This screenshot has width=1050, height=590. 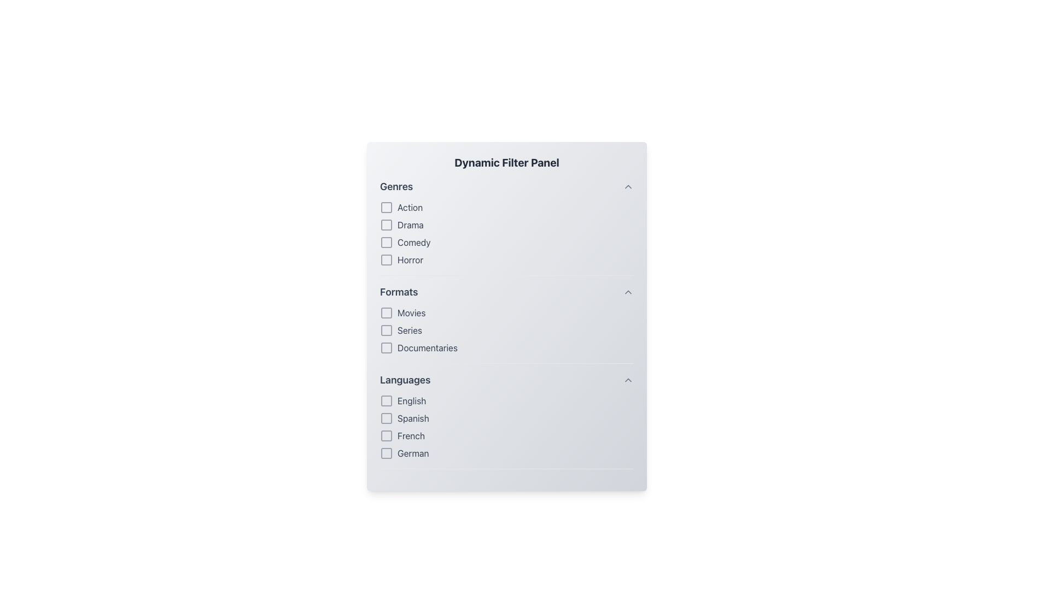 What do you see at coordinates (506, 225) in the screenshot?
I see `the checkbox for the 'Drama' option located in the 'Genres' section of the 'Dynamic Filter Panel'` at bounding box center [506, 225].